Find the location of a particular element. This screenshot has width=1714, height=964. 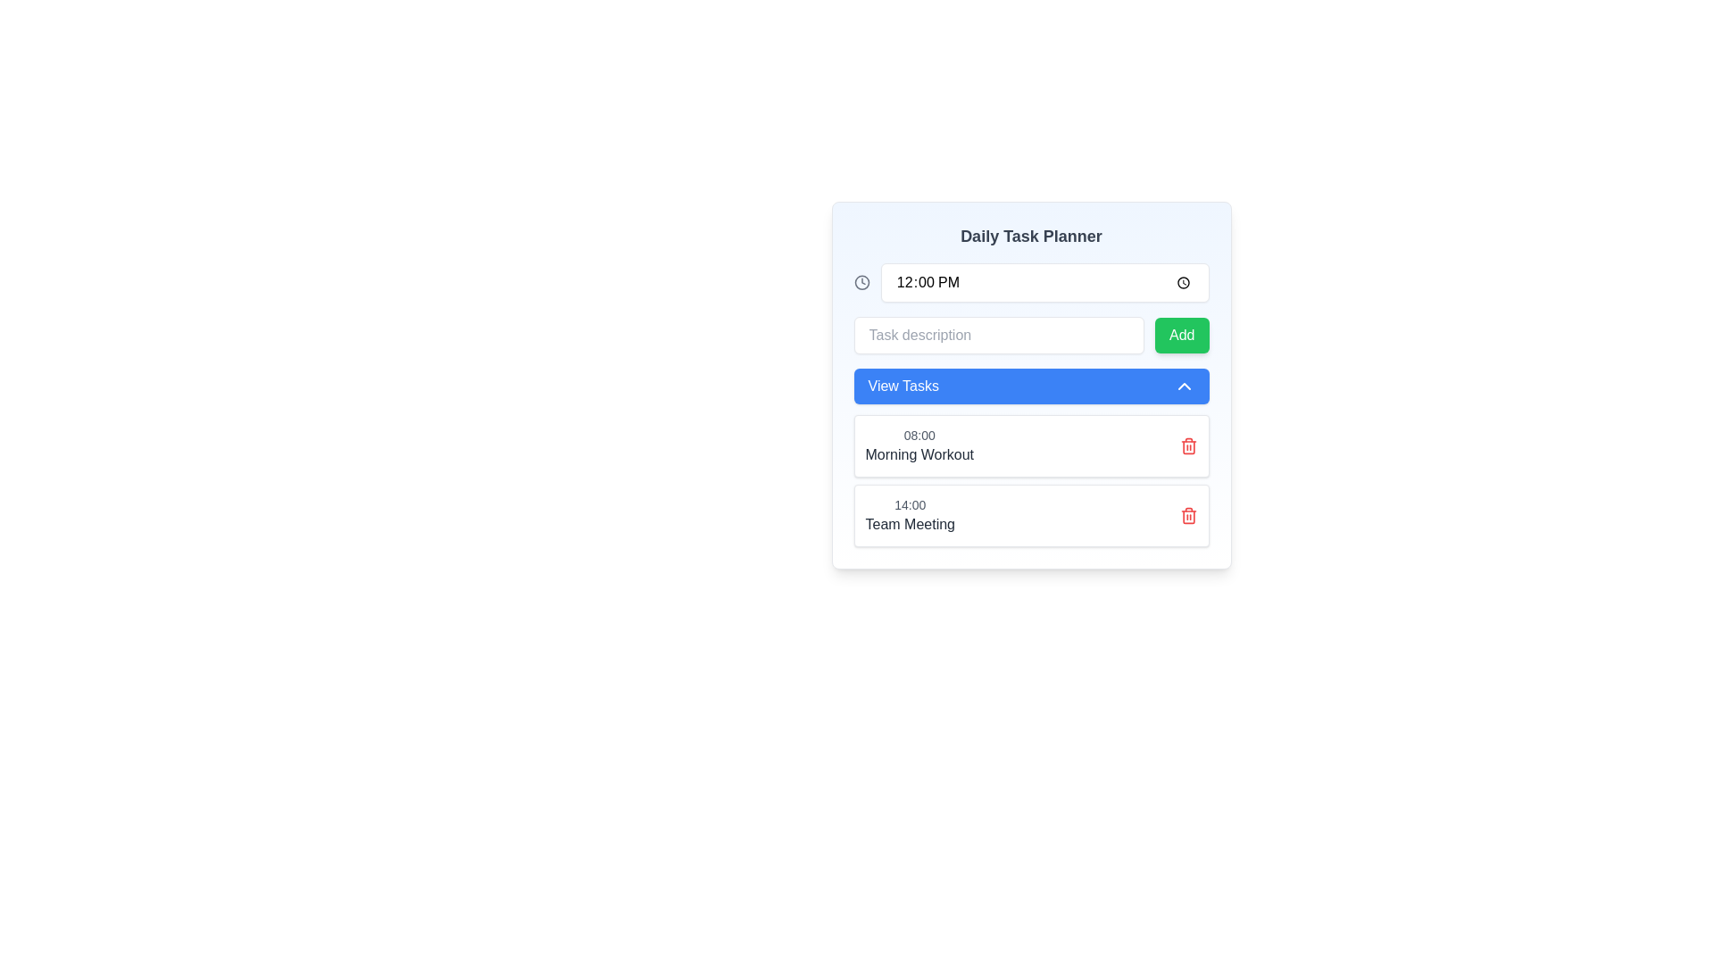

the time of the first task item in the Daily Task Planner section is located at coordinates (1031, 445).